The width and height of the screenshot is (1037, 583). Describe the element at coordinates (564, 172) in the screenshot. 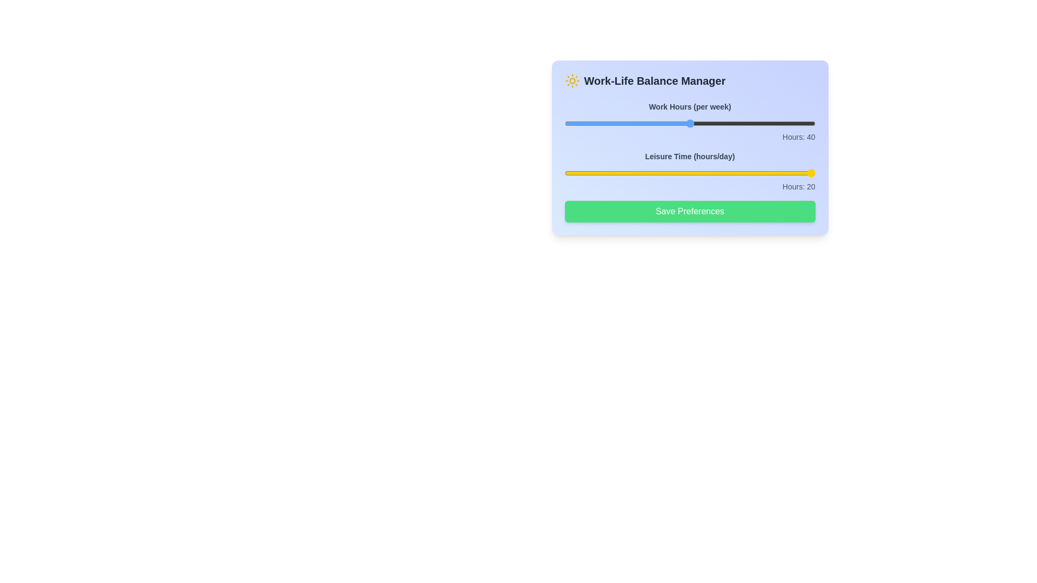

I see `the 'Leisure Time' slider to set leisure hours to 2` at that location.